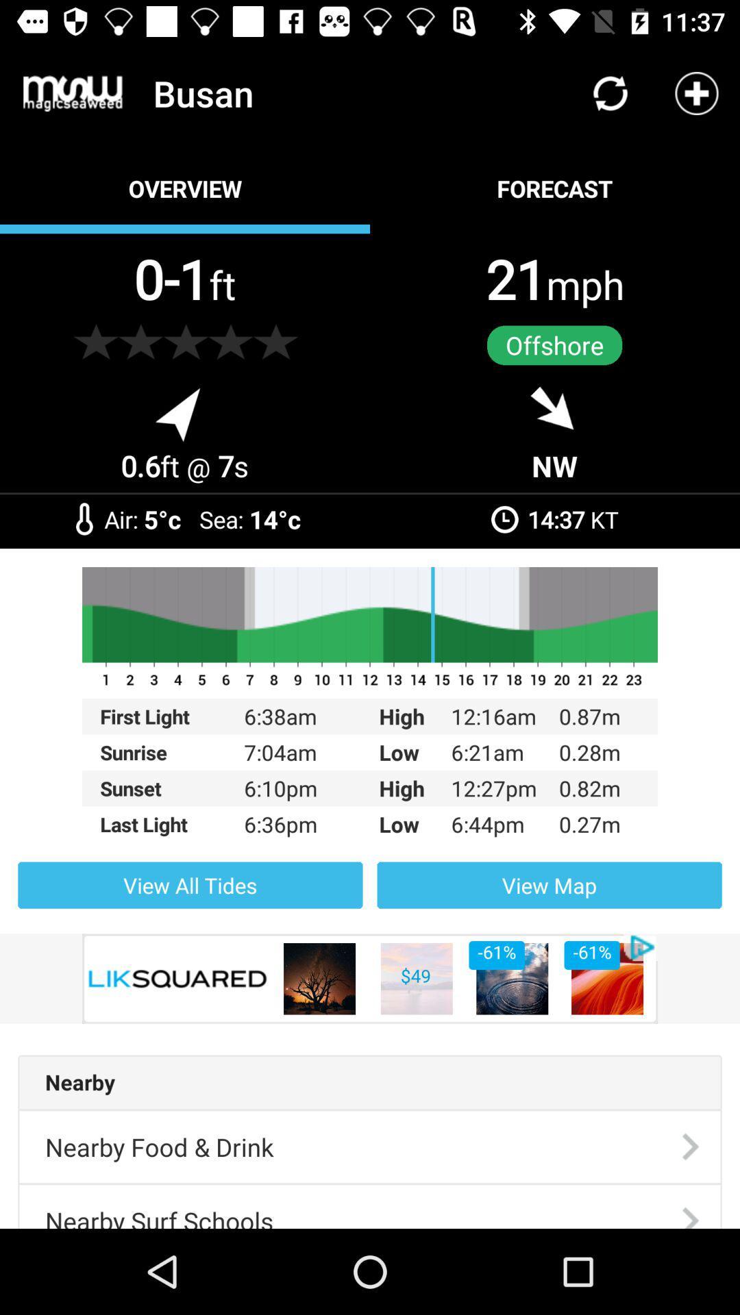 The width and height of the screenshot is (740, 1315). Describe the element at coordinates (158, 1147) in the screenshot. I see `the icon above nearby surf schools item` at that location.